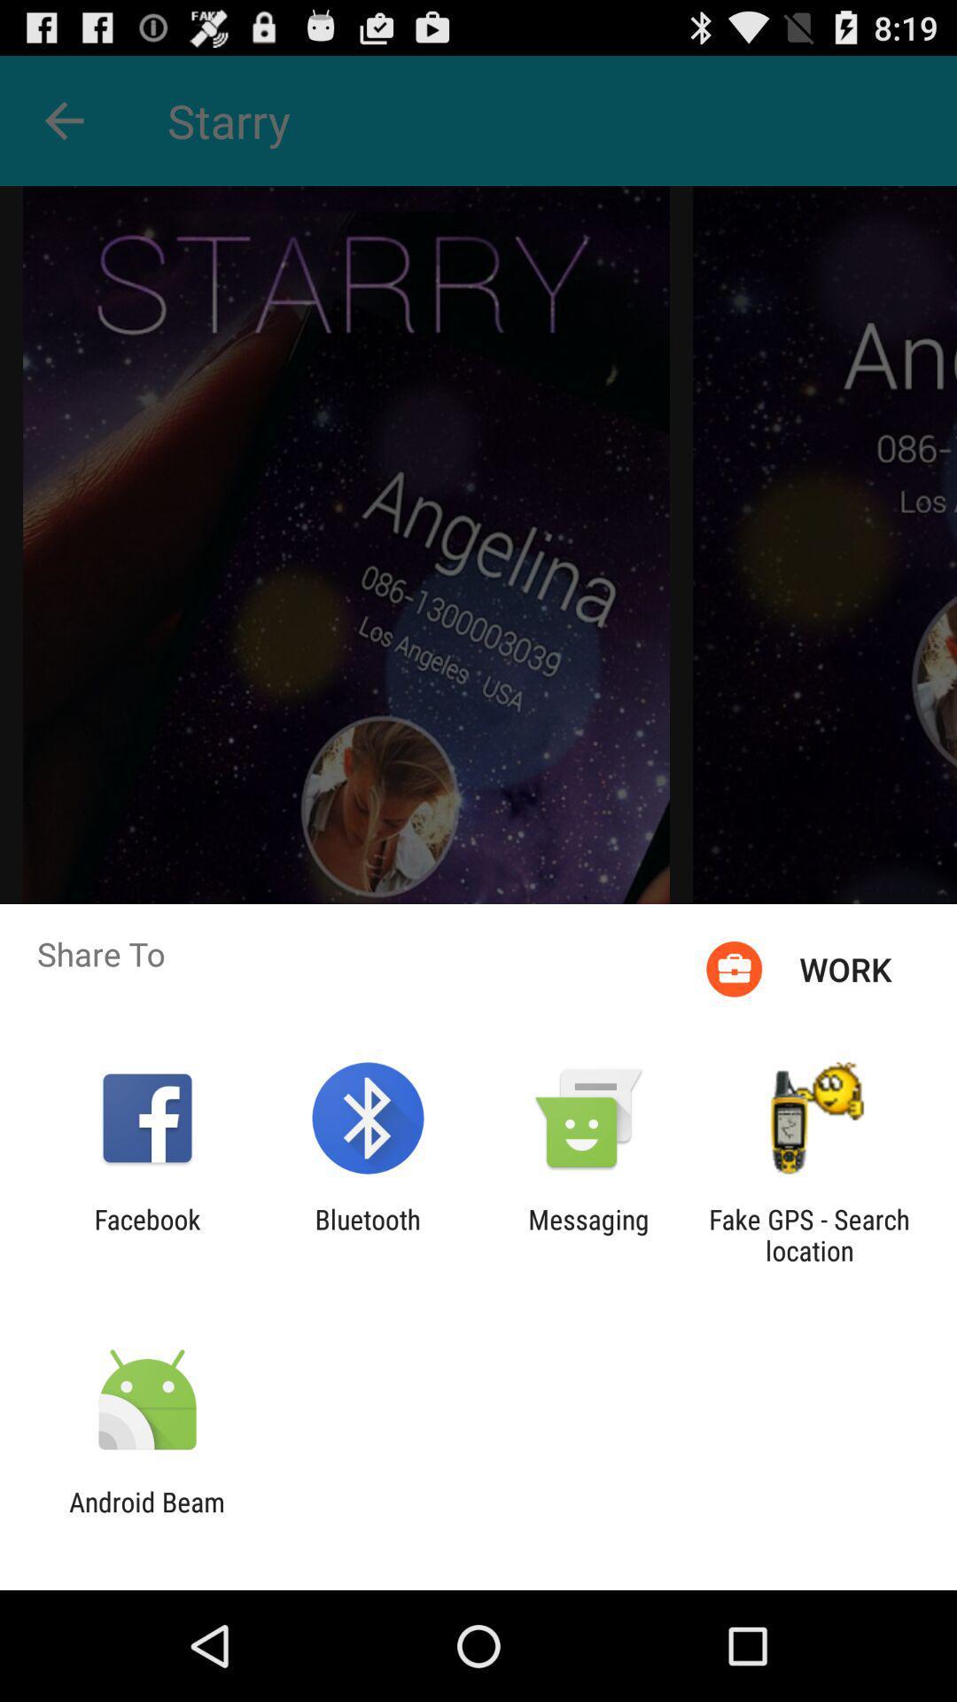 The height and width of the screenshot is (1702, 957). I want to click on icon next to the messaging, so click(367, 1234).